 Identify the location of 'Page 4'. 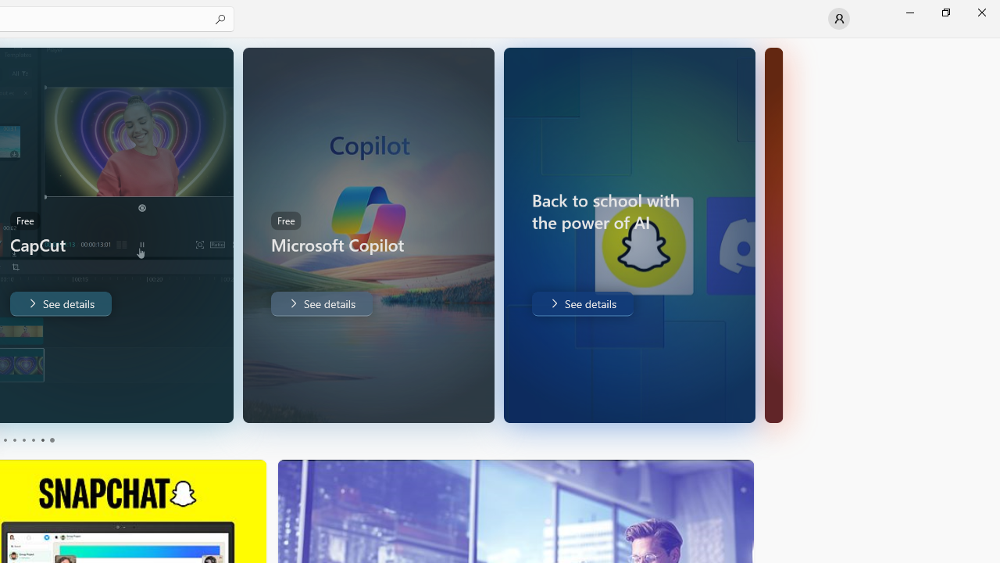
(33, 440).